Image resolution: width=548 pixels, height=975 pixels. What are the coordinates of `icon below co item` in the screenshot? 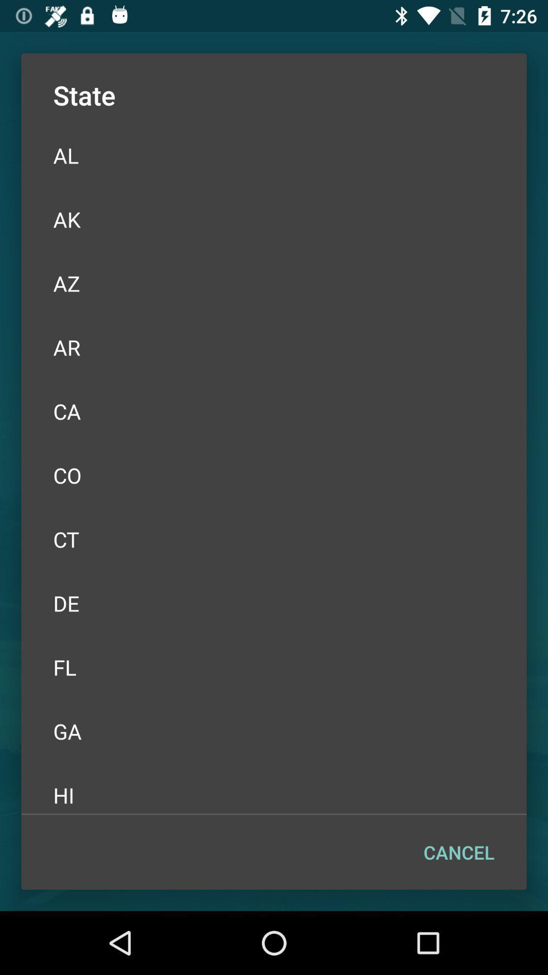 It's located at (274, 538).